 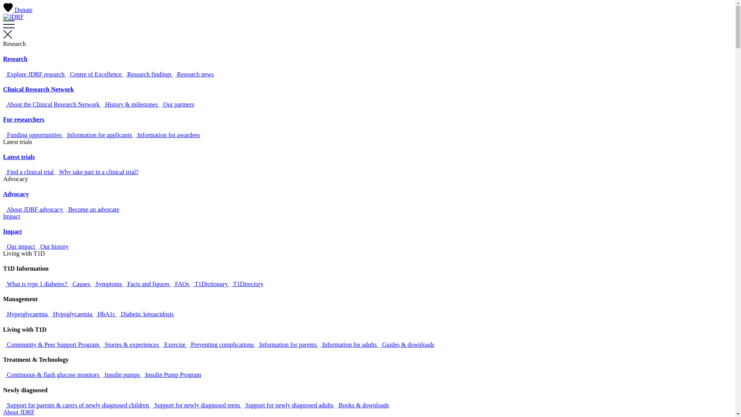 What do you see at coordinates (51, 104) in the screenshot?
I see `'About the Clinical Research Network'` at bounding box center [51, 104].